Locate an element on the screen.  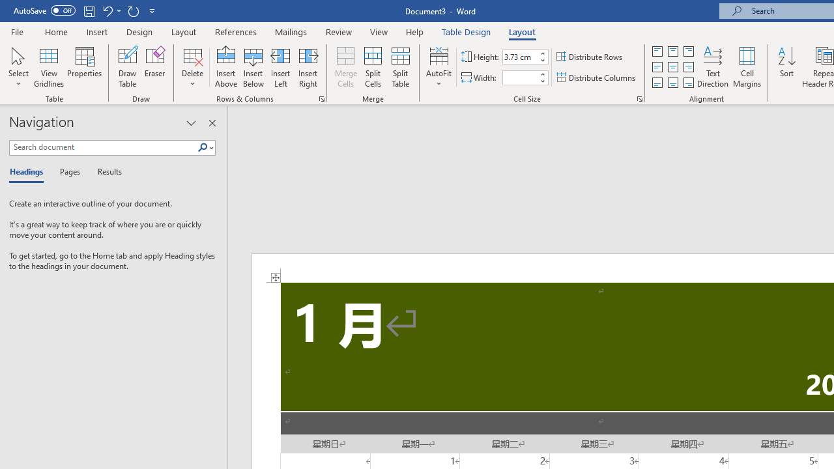
'Table Row Height' is located at coordinates (519, 56).